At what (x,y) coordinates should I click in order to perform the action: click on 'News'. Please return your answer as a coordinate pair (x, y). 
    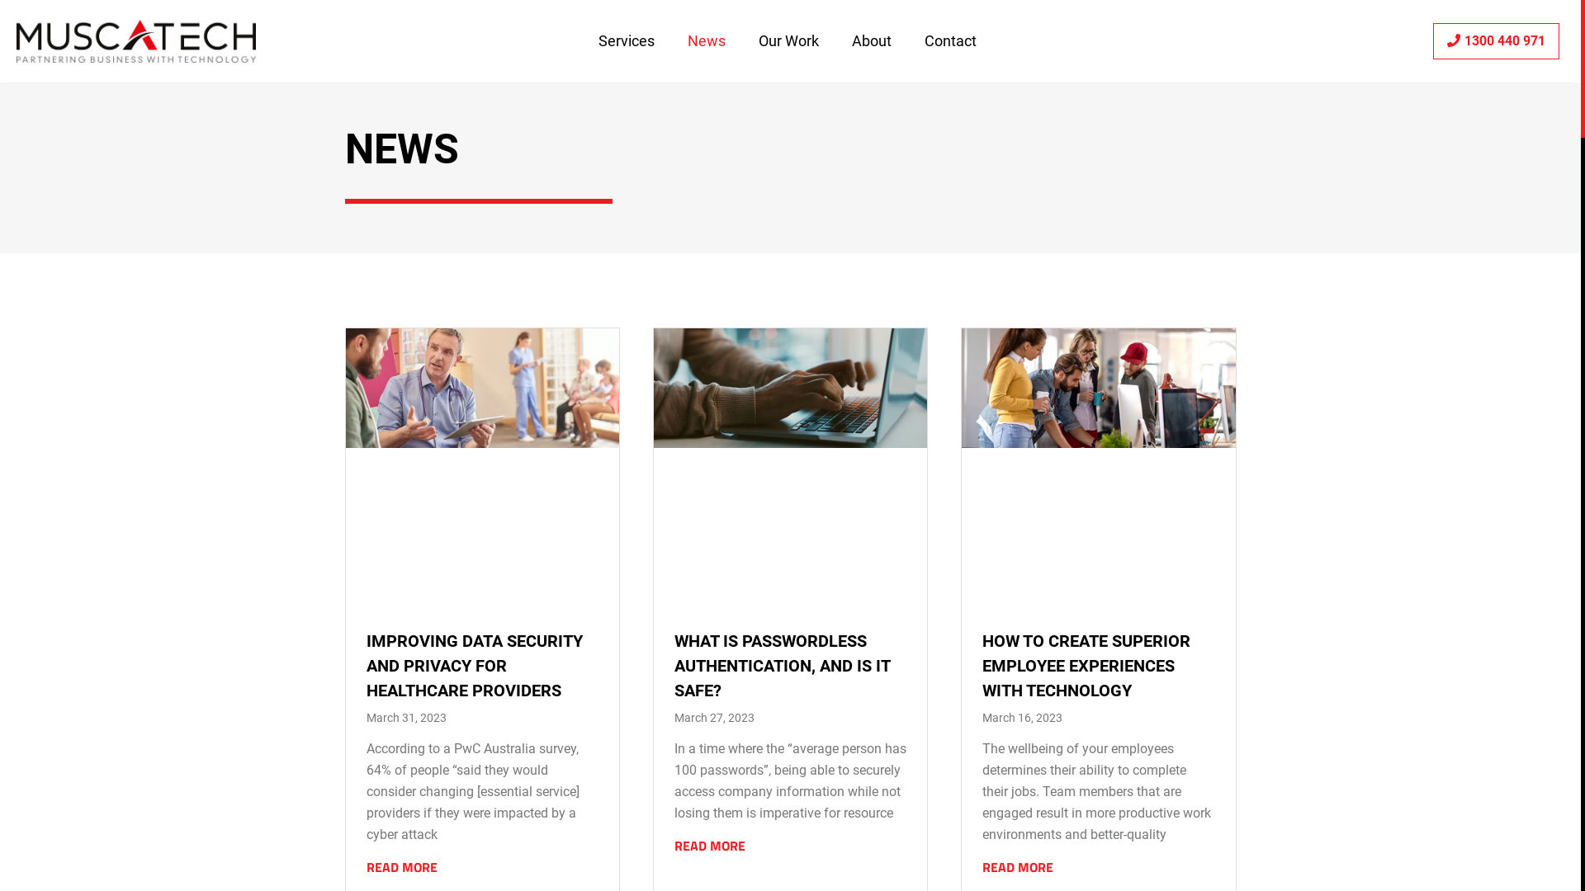
    Looking at the image, I should click on (706, 40).